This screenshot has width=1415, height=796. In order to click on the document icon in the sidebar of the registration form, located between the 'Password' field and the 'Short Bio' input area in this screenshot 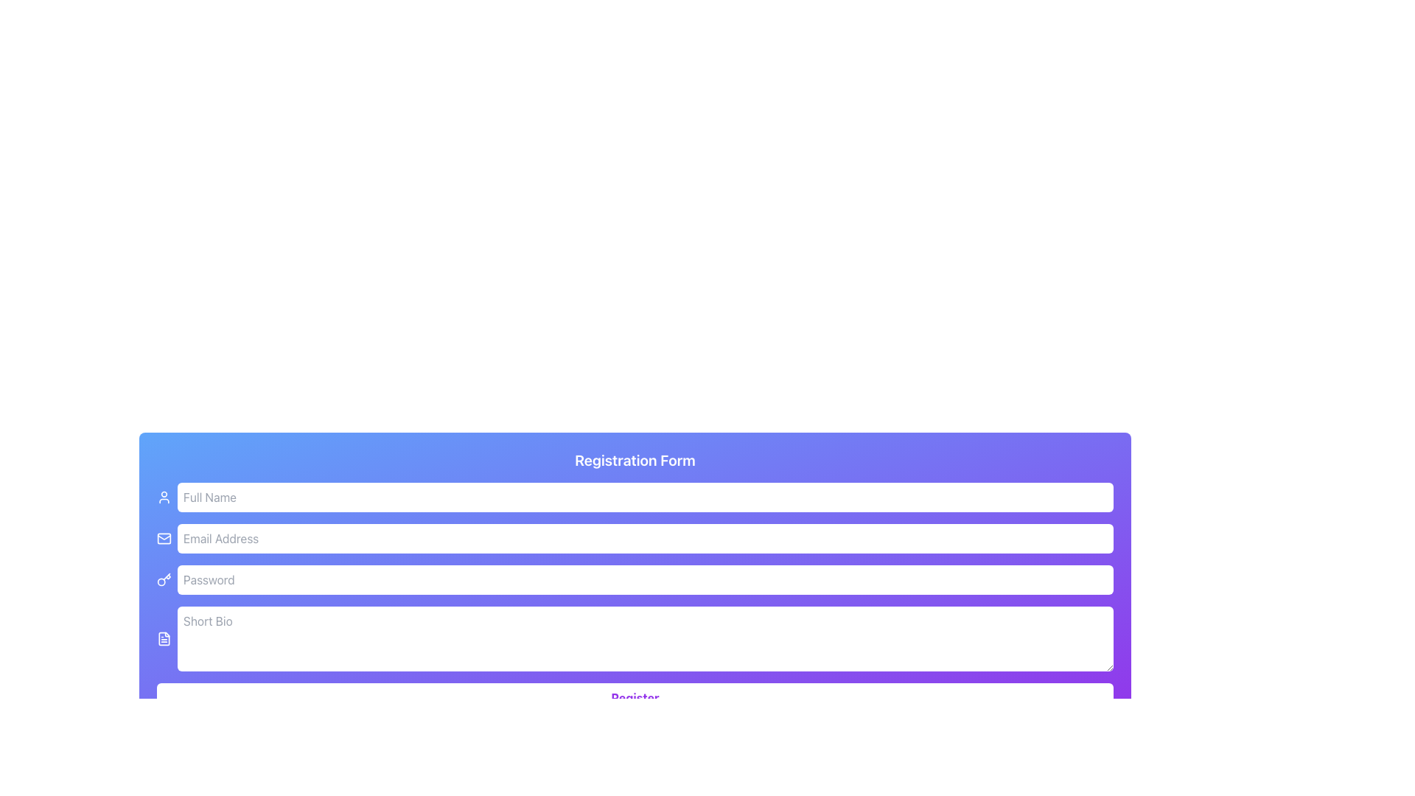, I will do `click(164, 638)`.